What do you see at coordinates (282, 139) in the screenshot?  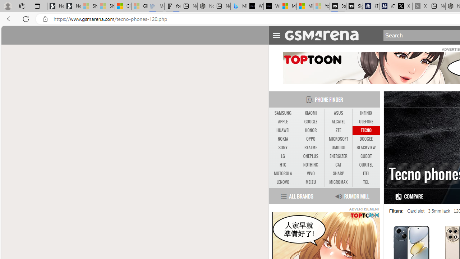 I see `'NOKIA'` at bounding box center [282, 139].